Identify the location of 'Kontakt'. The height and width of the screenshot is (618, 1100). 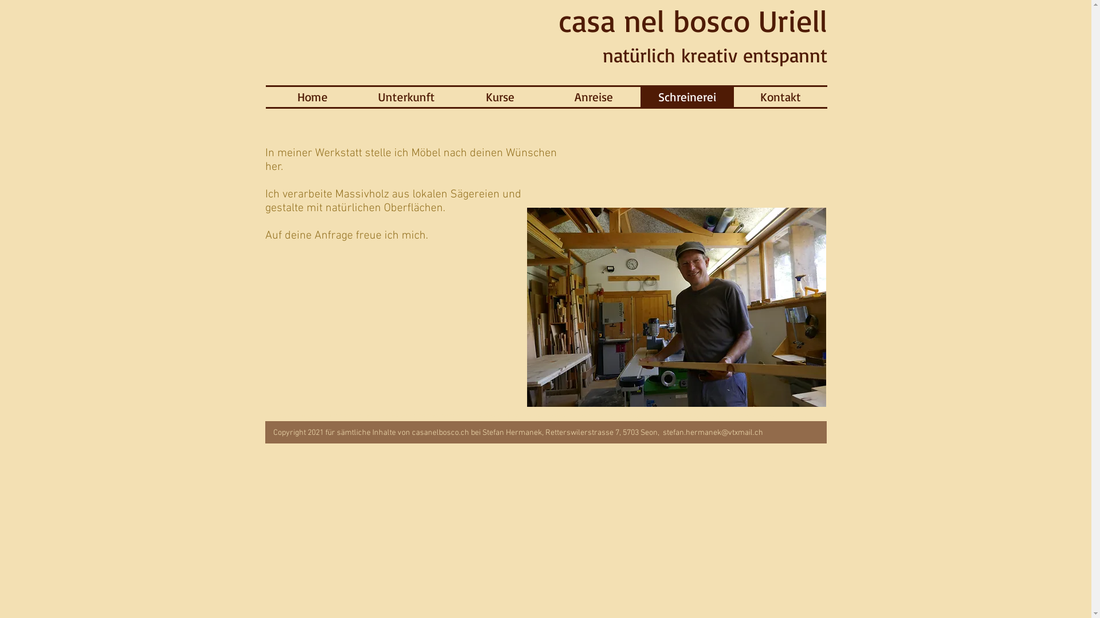
(779, 96).